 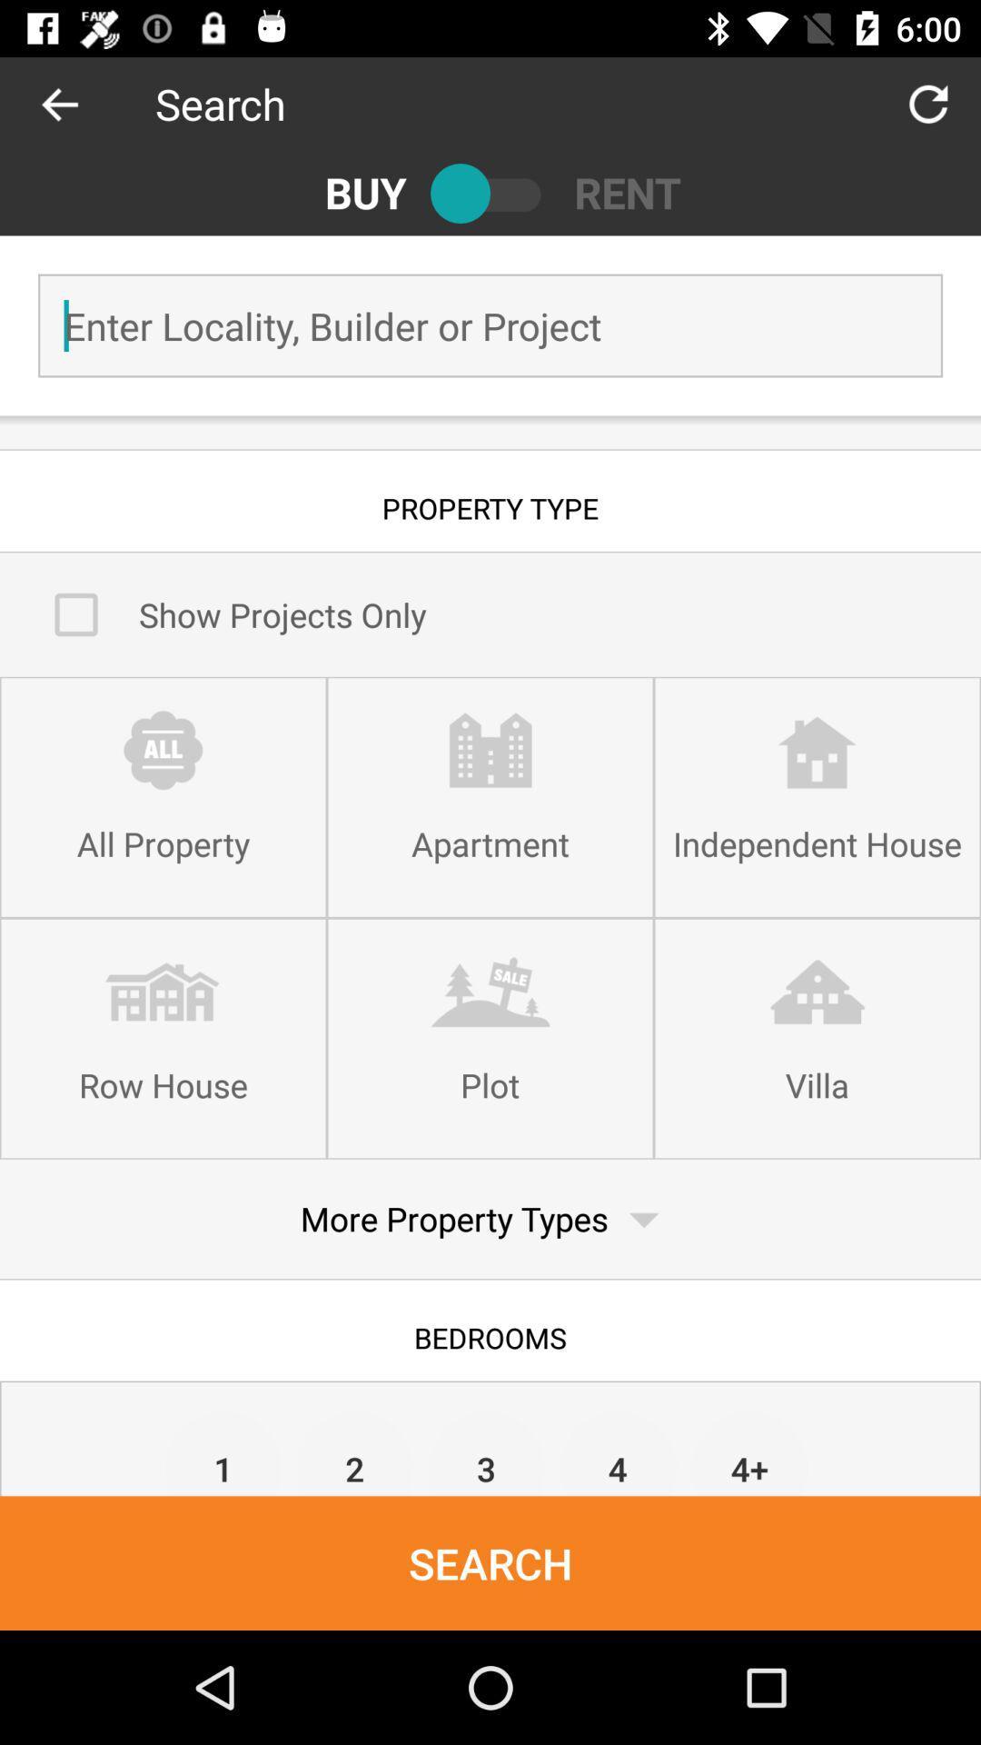 I want to click on item below bedrooms, so click(x=355, y=1451).